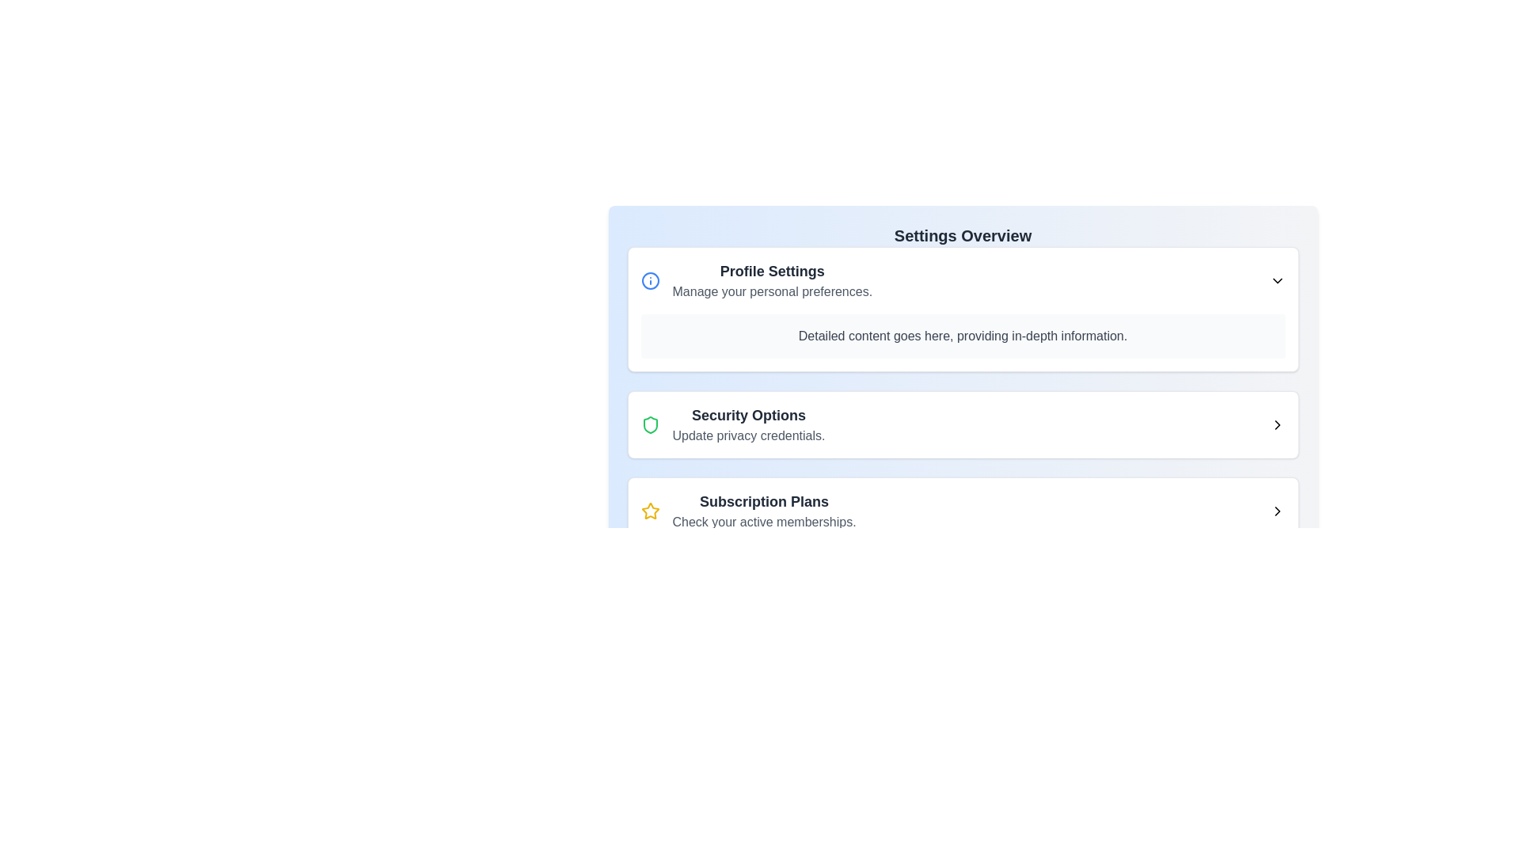  What do you see at coordinates (755, 279) in the screenshot?
I see `the first list item labeled 'Profile Settings' which includes an information icon and descriptive text for context menu access` at bounding box center [755, 279].